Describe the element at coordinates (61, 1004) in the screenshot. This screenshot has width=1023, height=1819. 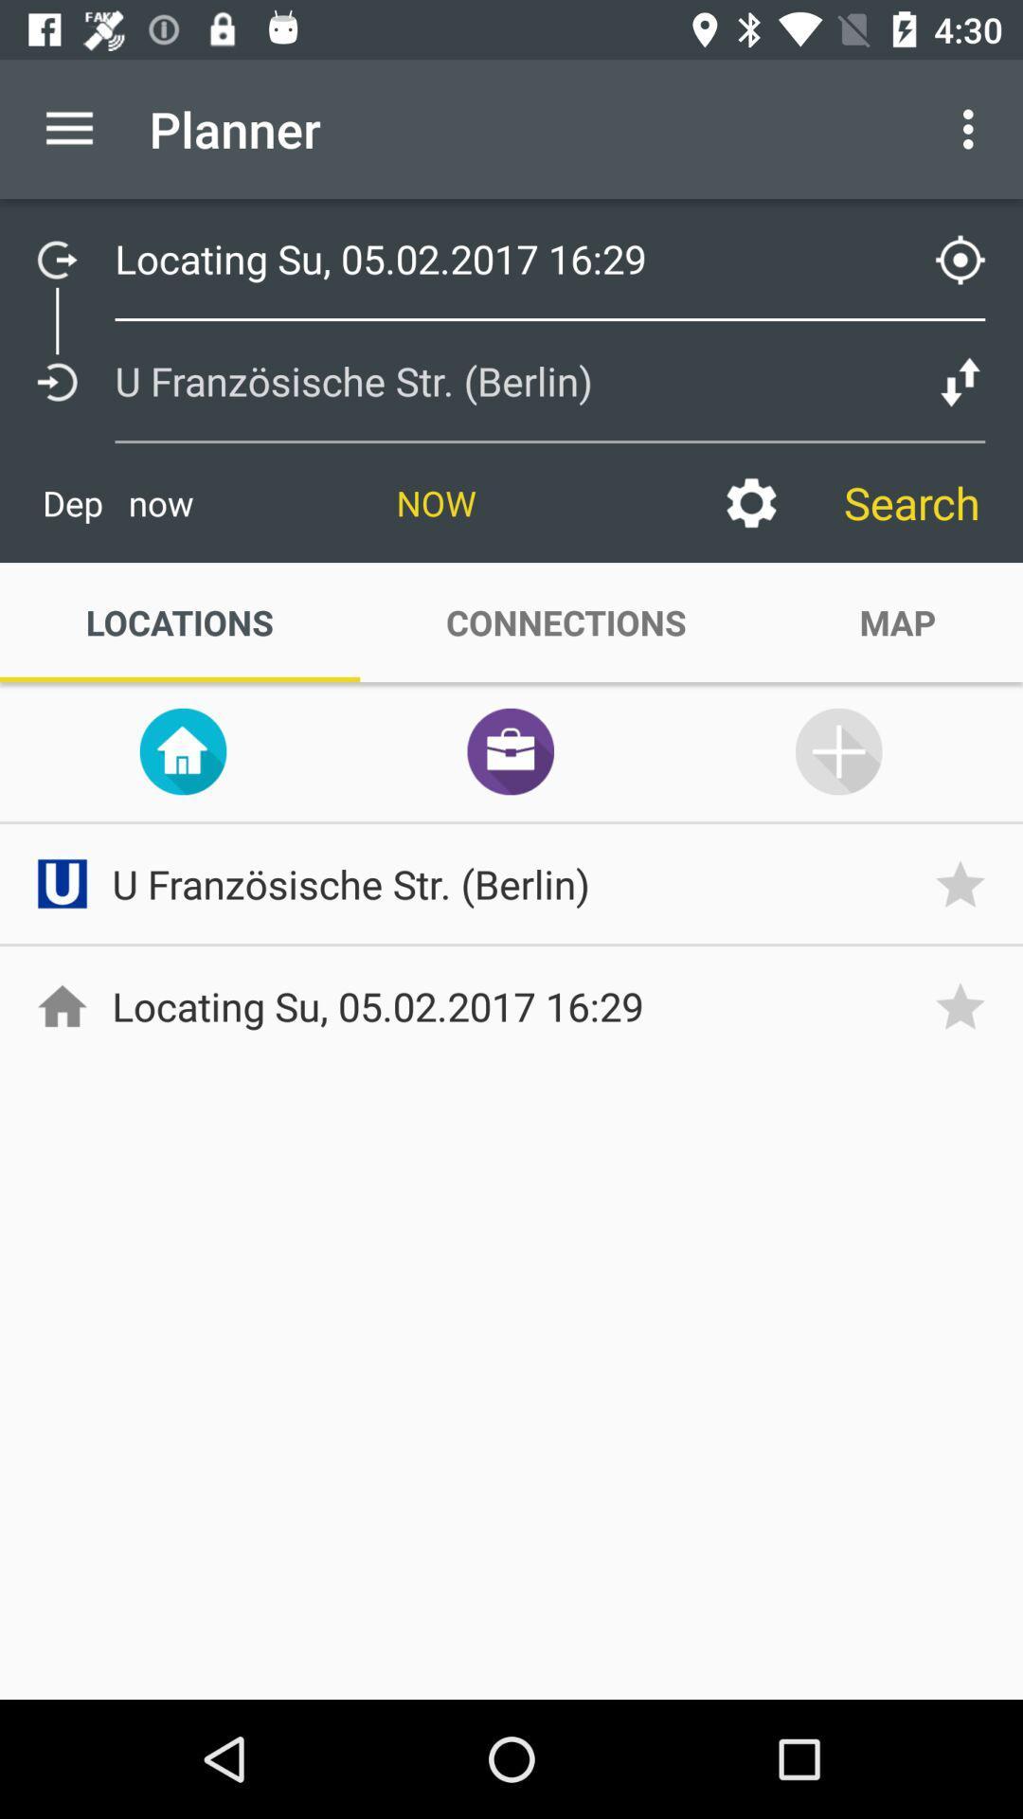
I see `the first home button from bottom` at that location.